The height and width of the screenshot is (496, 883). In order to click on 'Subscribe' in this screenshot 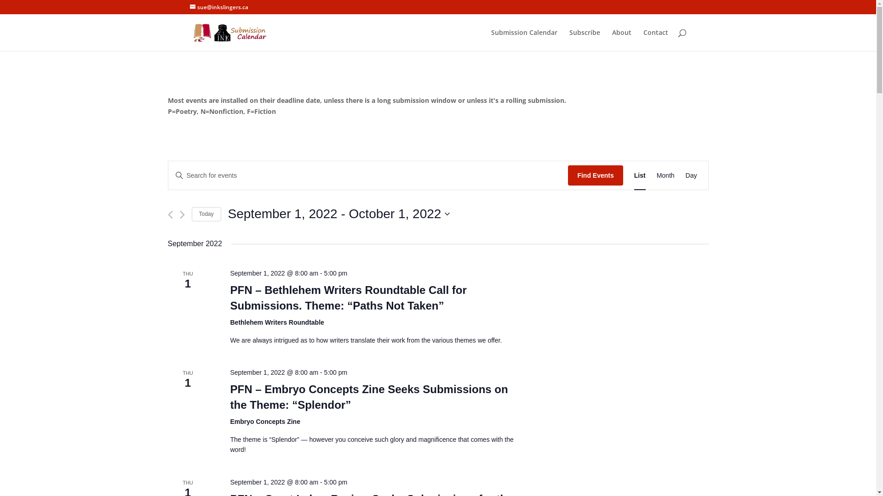, I will do `click(569, 39)`.